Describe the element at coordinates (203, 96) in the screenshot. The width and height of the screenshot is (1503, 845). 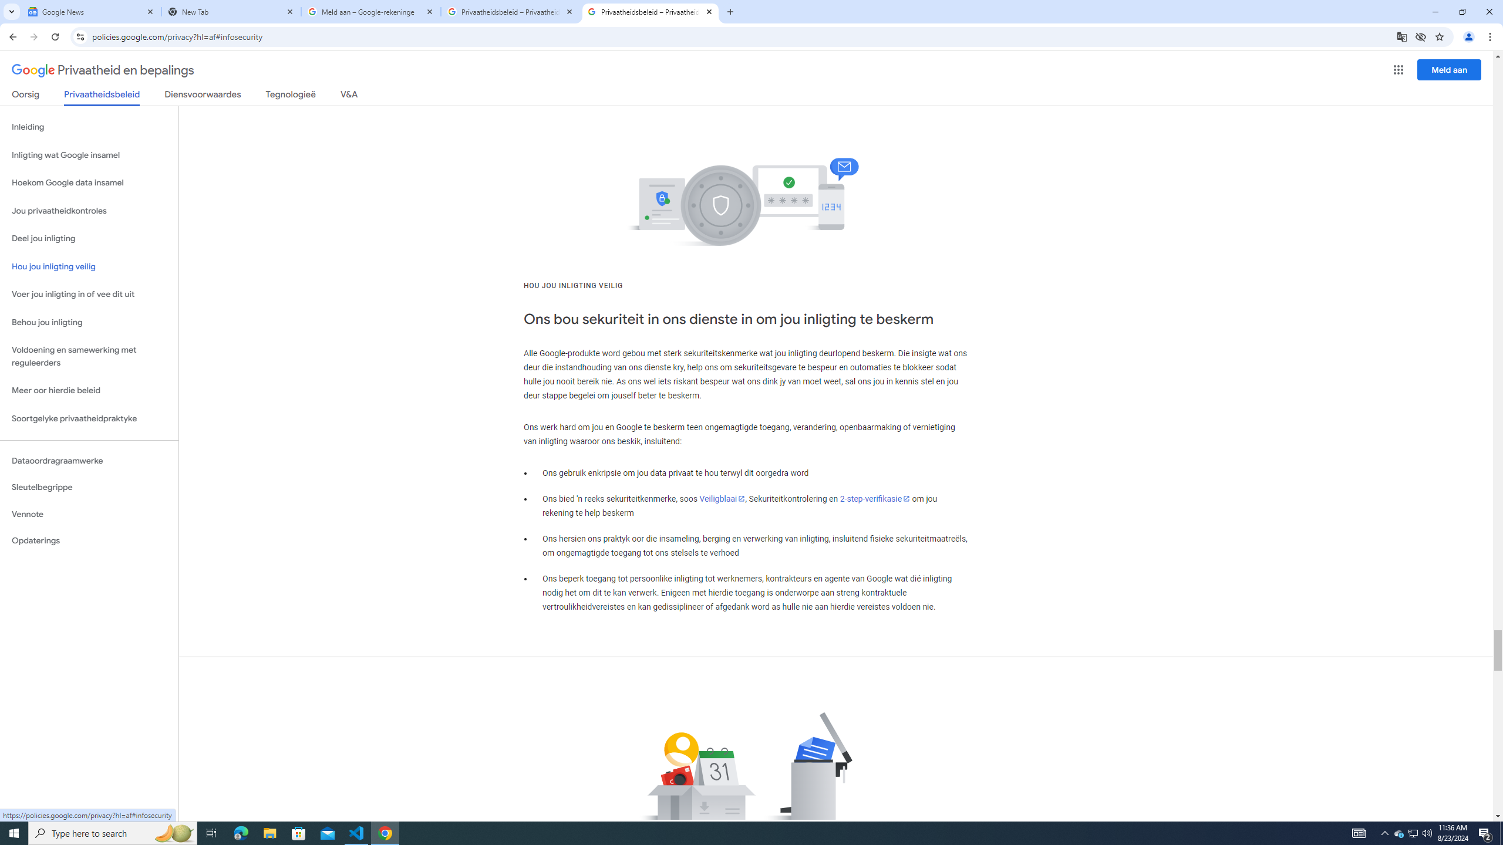
I see `'Diensvoorwaardes'` at that location.